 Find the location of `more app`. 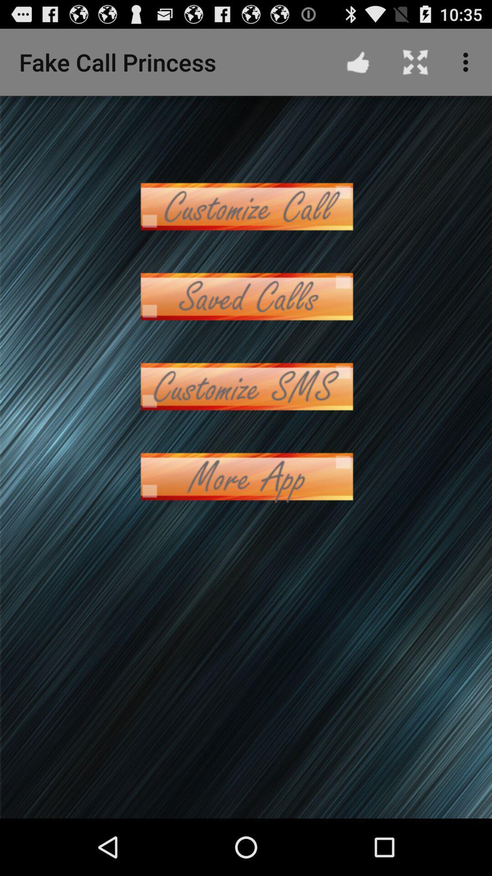

more app is located at coordinates (246, 476).